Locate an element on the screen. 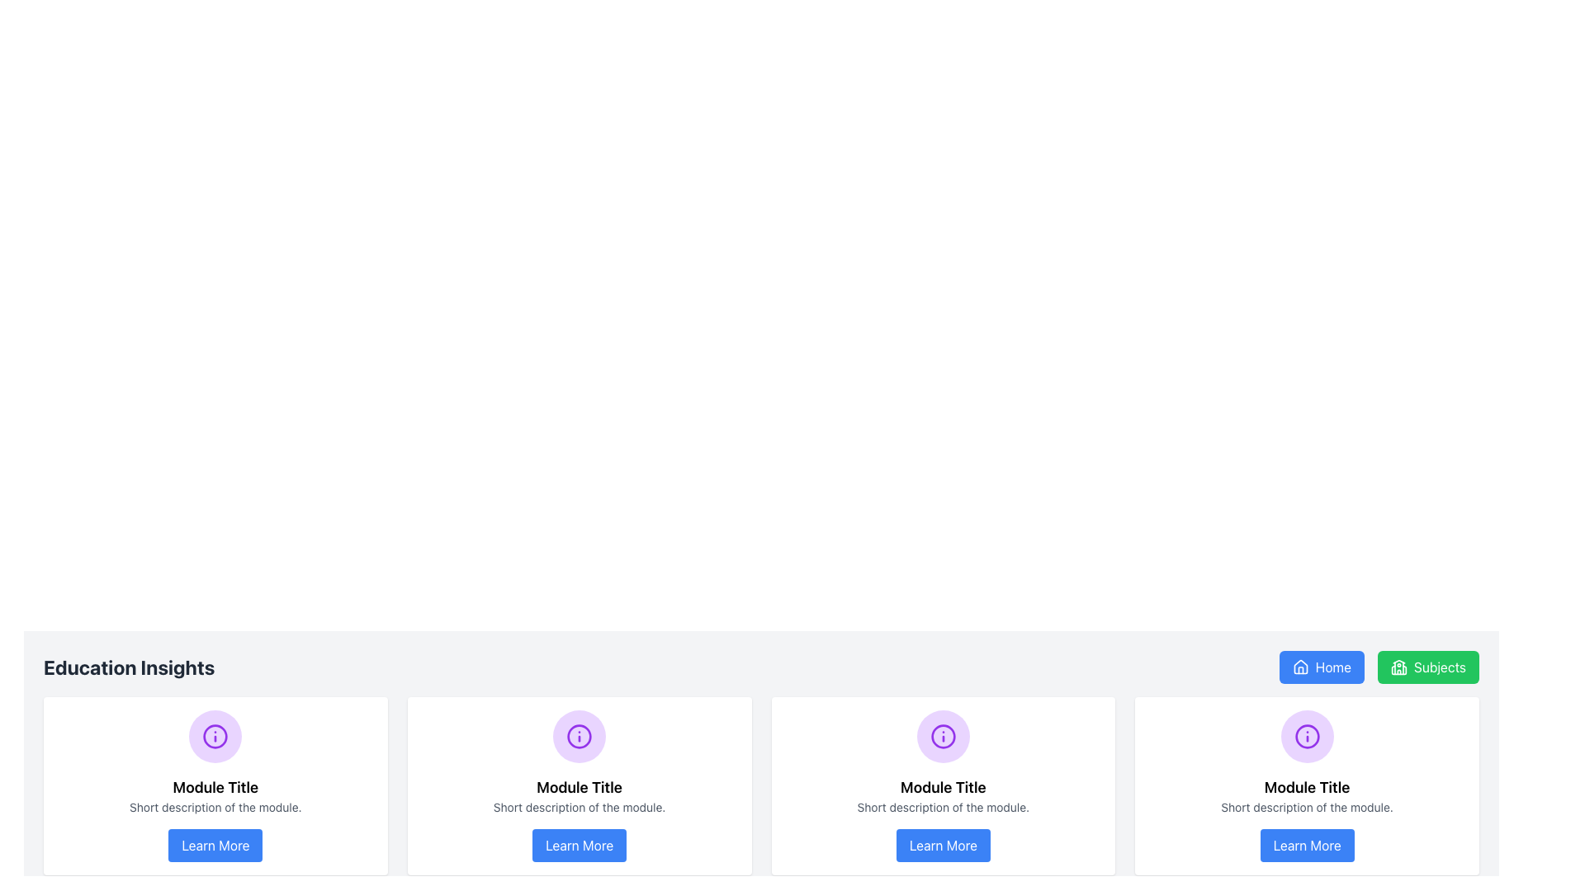 This screenshot has width=1585, height=891. the fourth button in the row of similar buttons at the bottom of the module card is located at coordinates (943, 846).